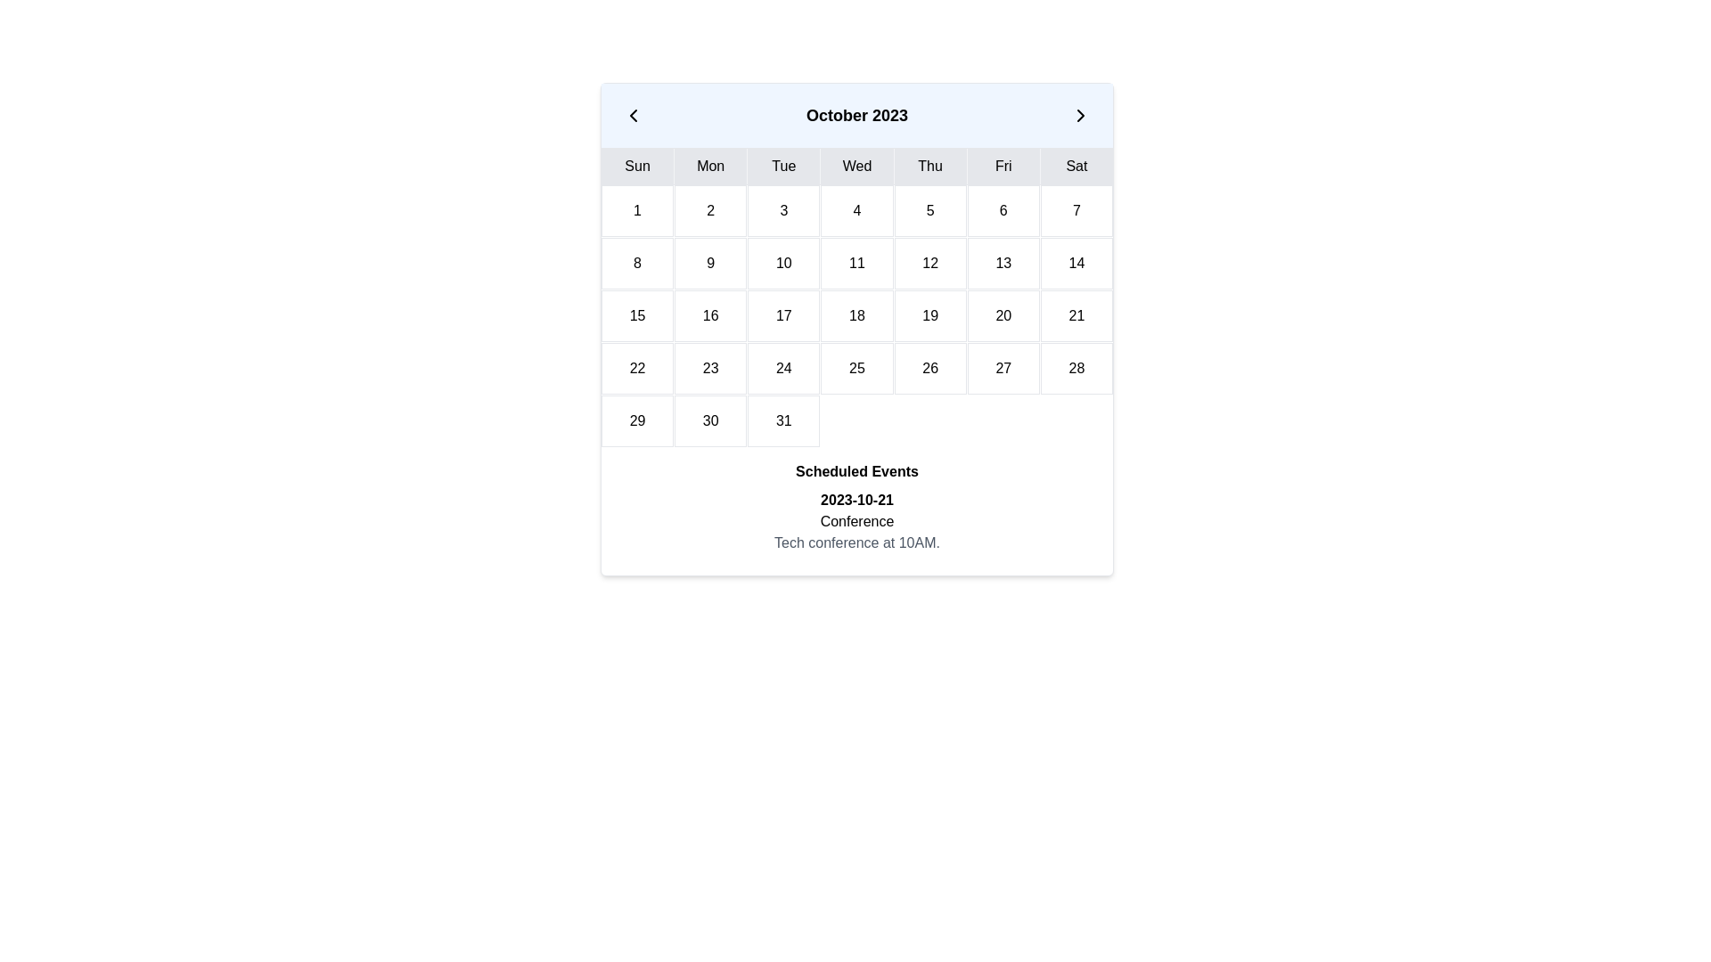 The image size is (1711, 962). I want to click on the Header Row of Weekdays in the Calendar, which contains the day abbreviations 'Sun', 'Mon', 'Tue', 'Wed', 'Thu', 'Fri', and 'Sat', located below the title 'October 2023', so click(856, 166).